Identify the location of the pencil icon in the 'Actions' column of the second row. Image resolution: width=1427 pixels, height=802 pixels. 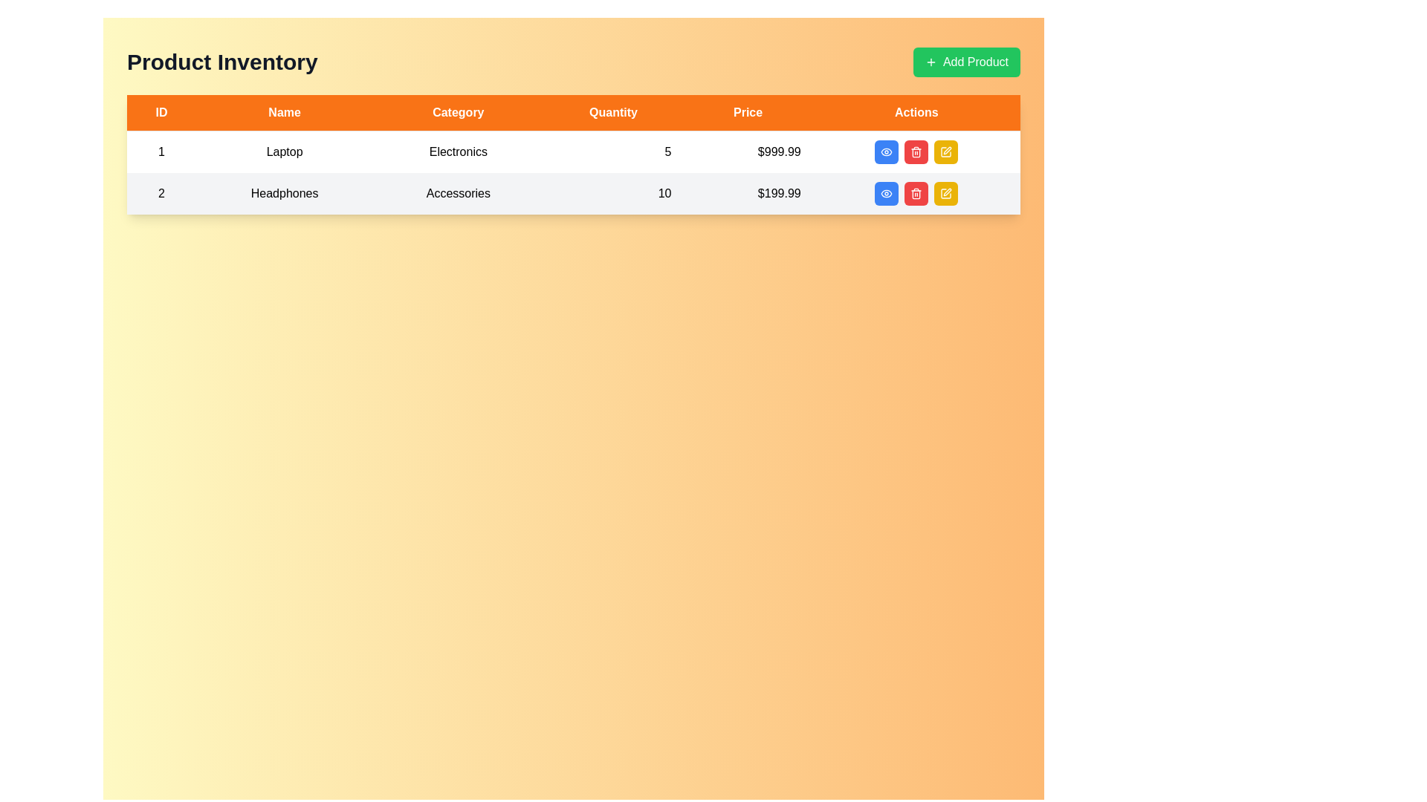
(947, 191).